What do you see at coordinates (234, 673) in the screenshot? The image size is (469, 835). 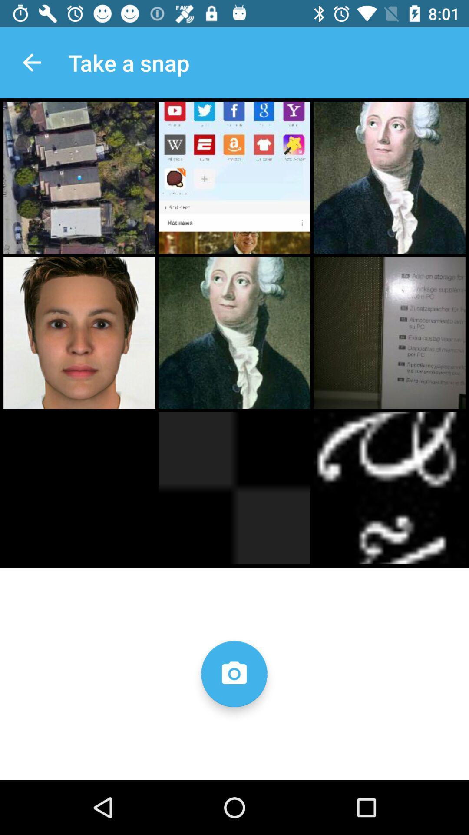 I see `take photo` at bounding box center [234, 673].